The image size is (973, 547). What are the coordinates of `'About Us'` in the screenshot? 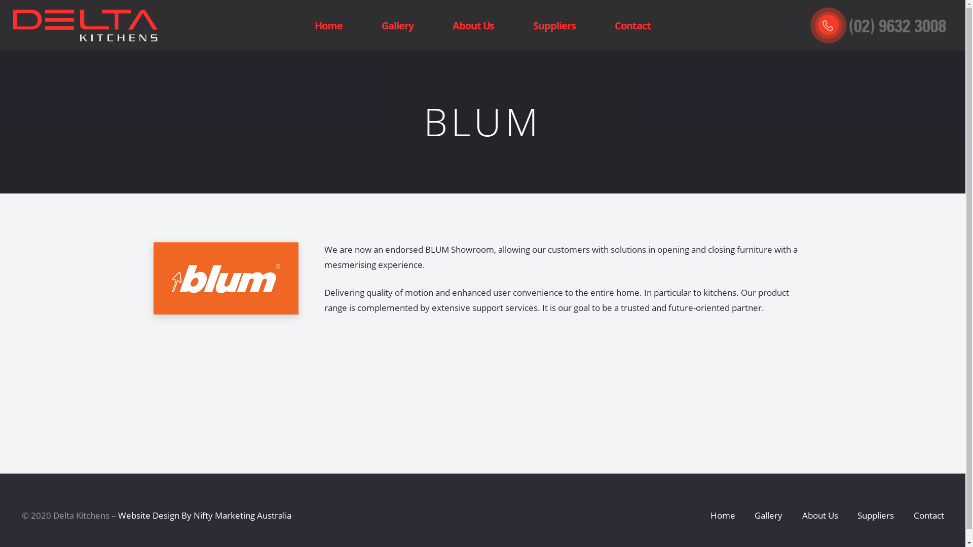 It's located at (473, 25).